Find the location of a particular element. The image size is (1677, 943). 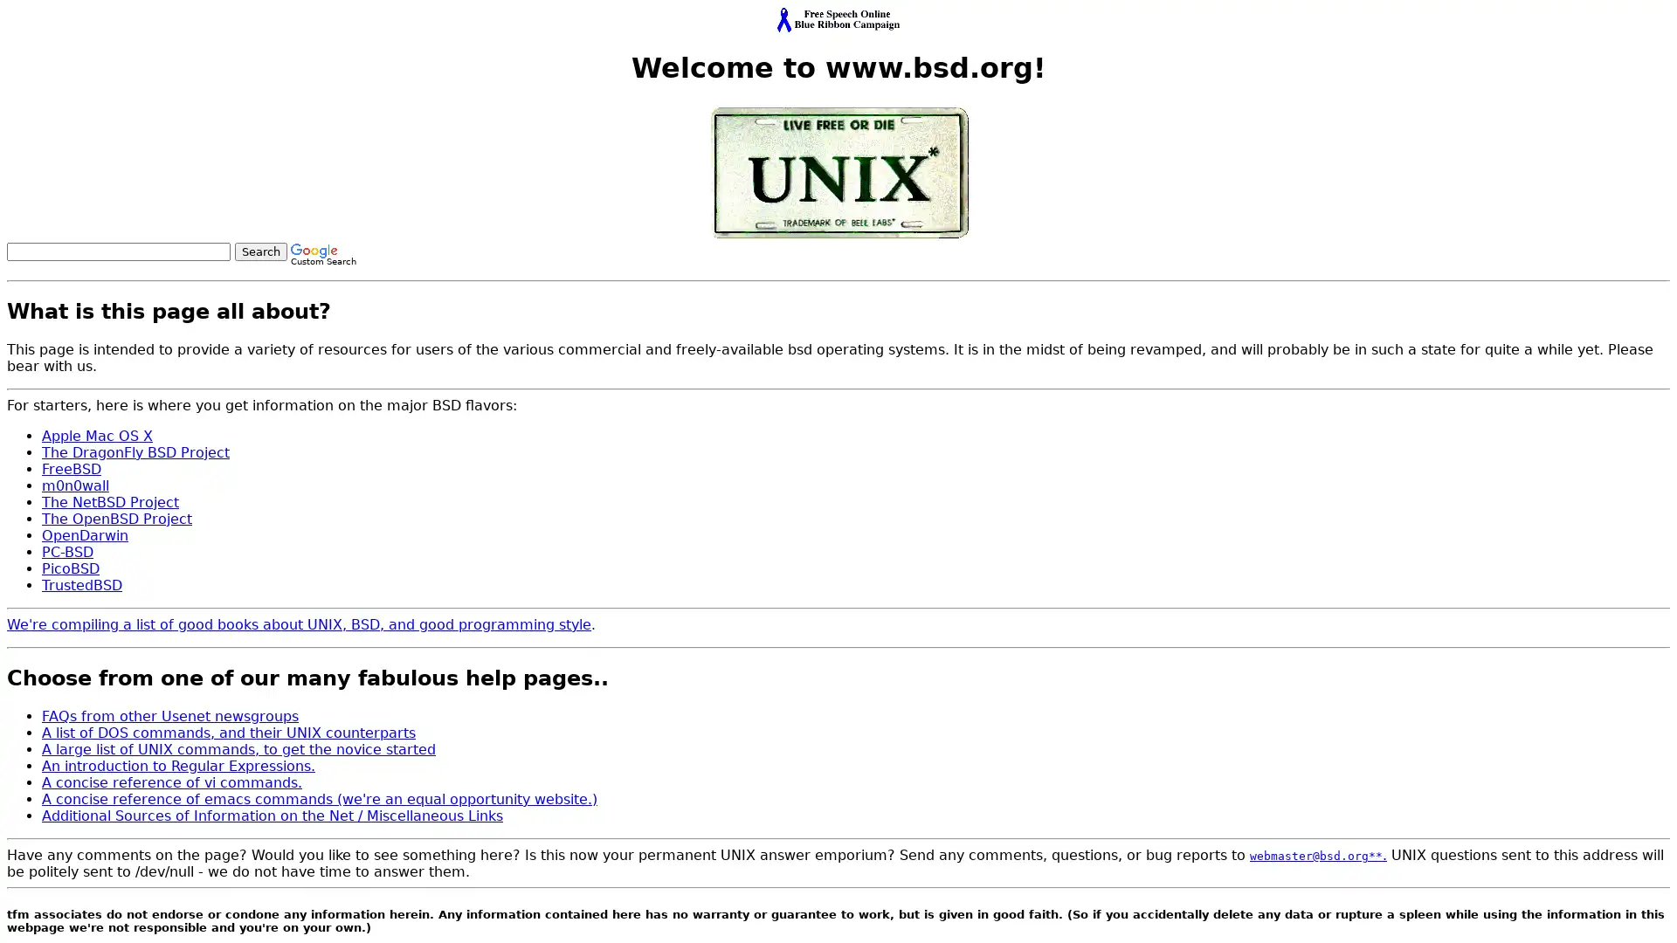

Search is located at coordinates (259, 251).